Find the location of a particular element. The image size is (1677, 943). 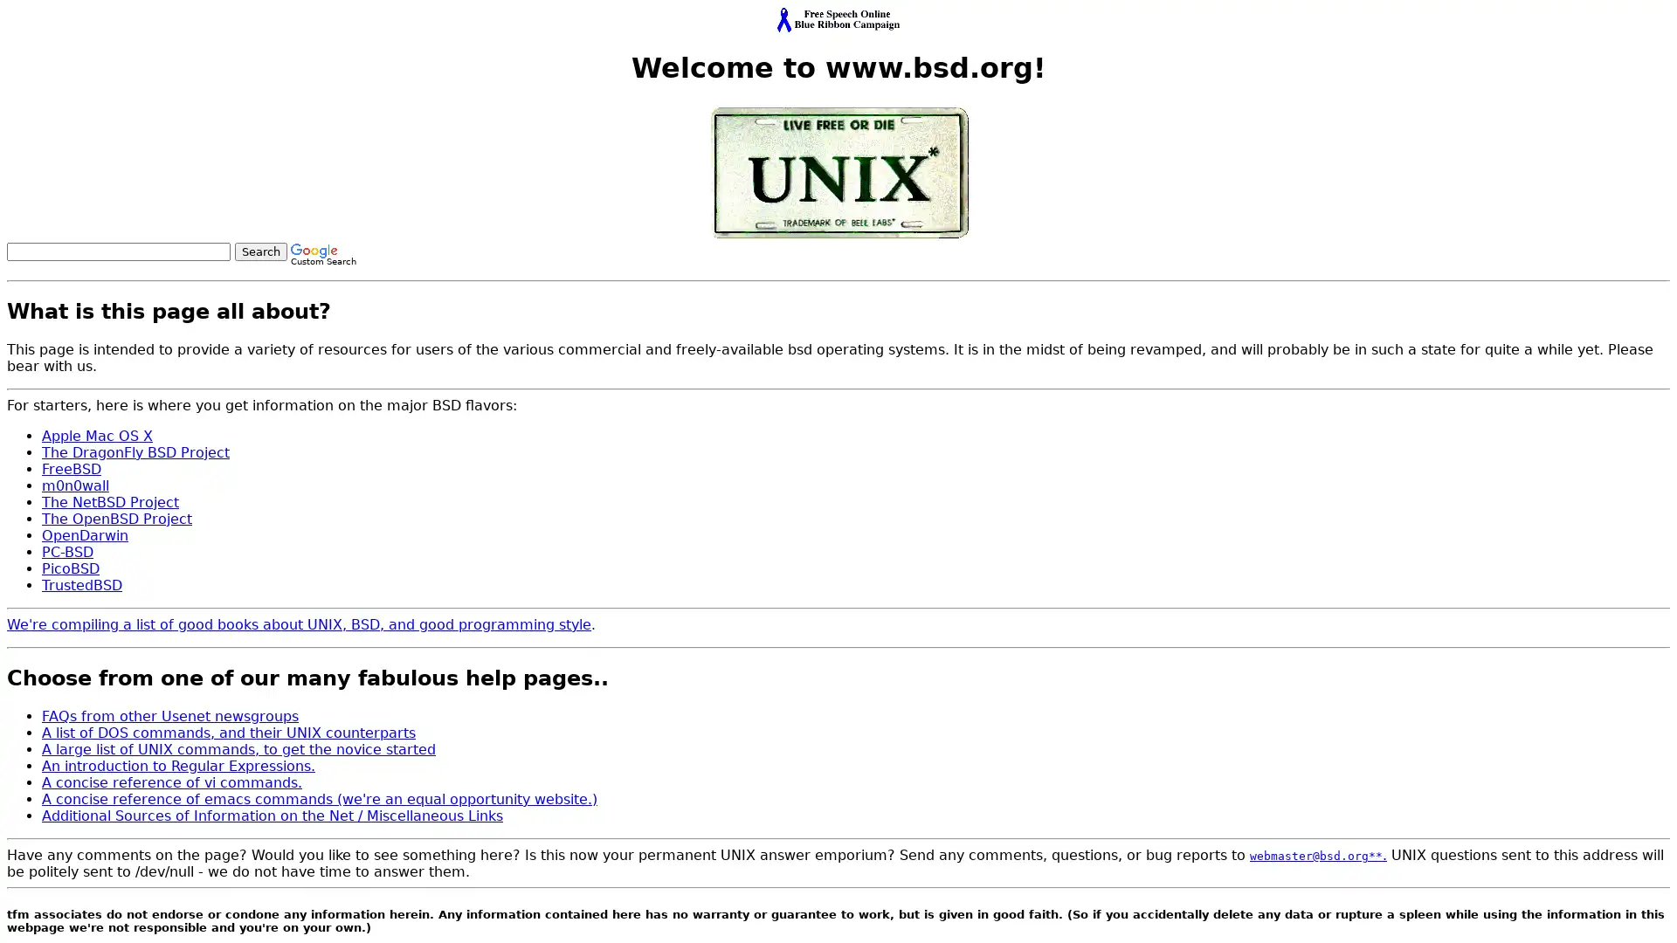

Search is located at coordinates (259, 251).